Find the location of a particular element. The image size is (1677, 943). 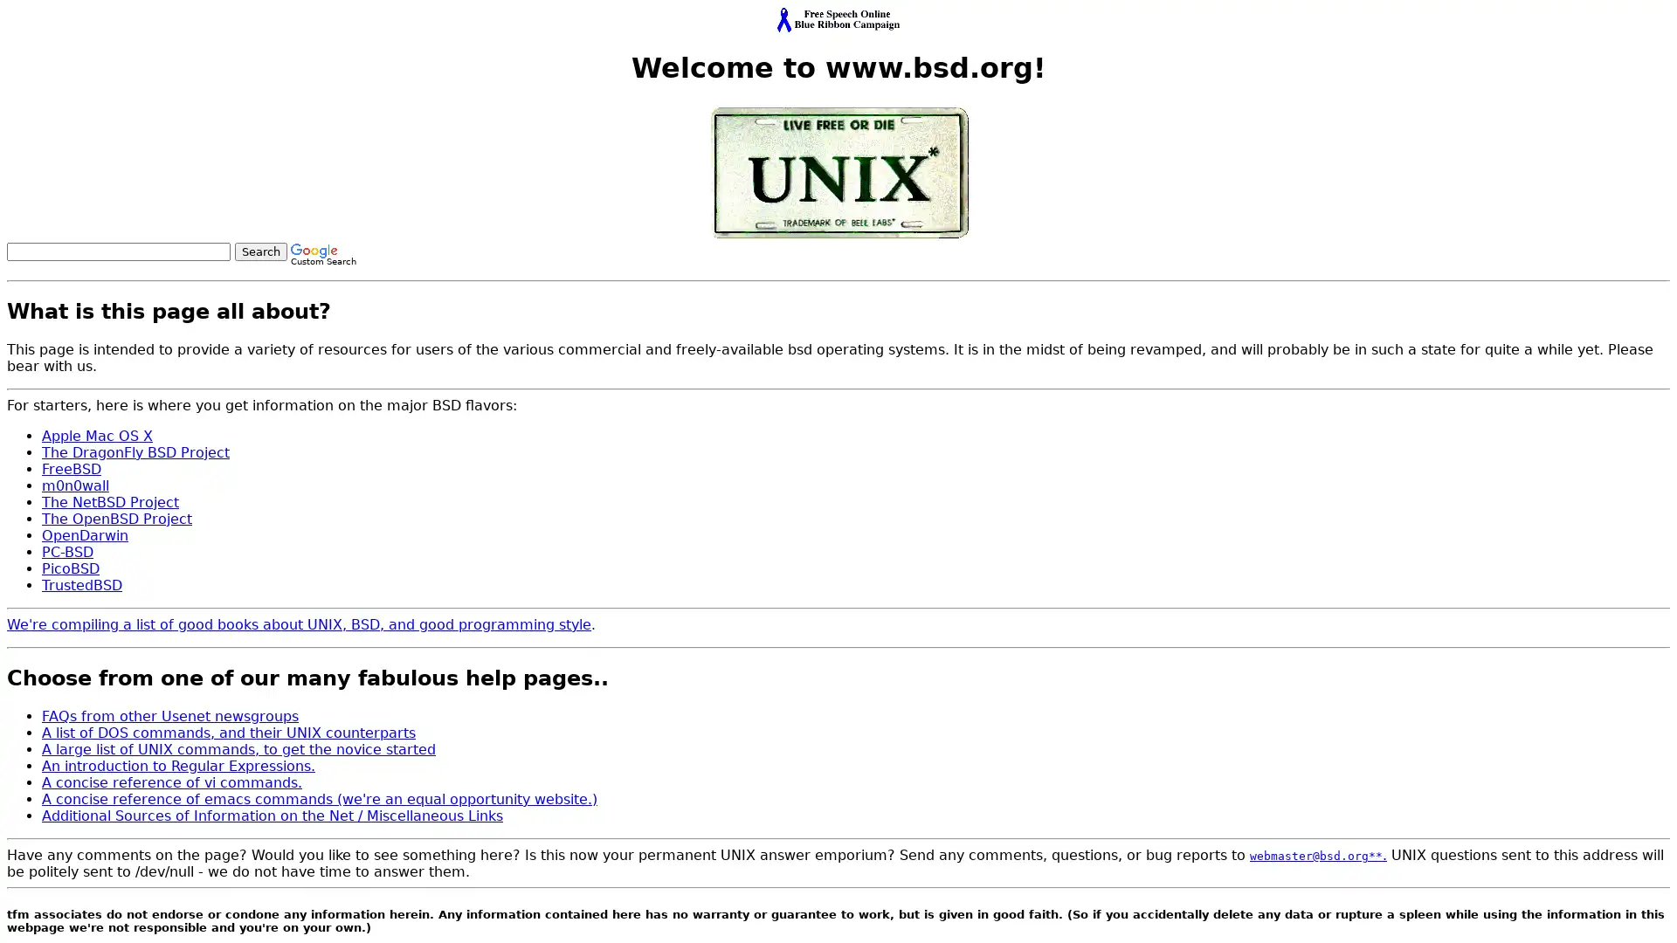

Search is located at coordinates (259, 251).